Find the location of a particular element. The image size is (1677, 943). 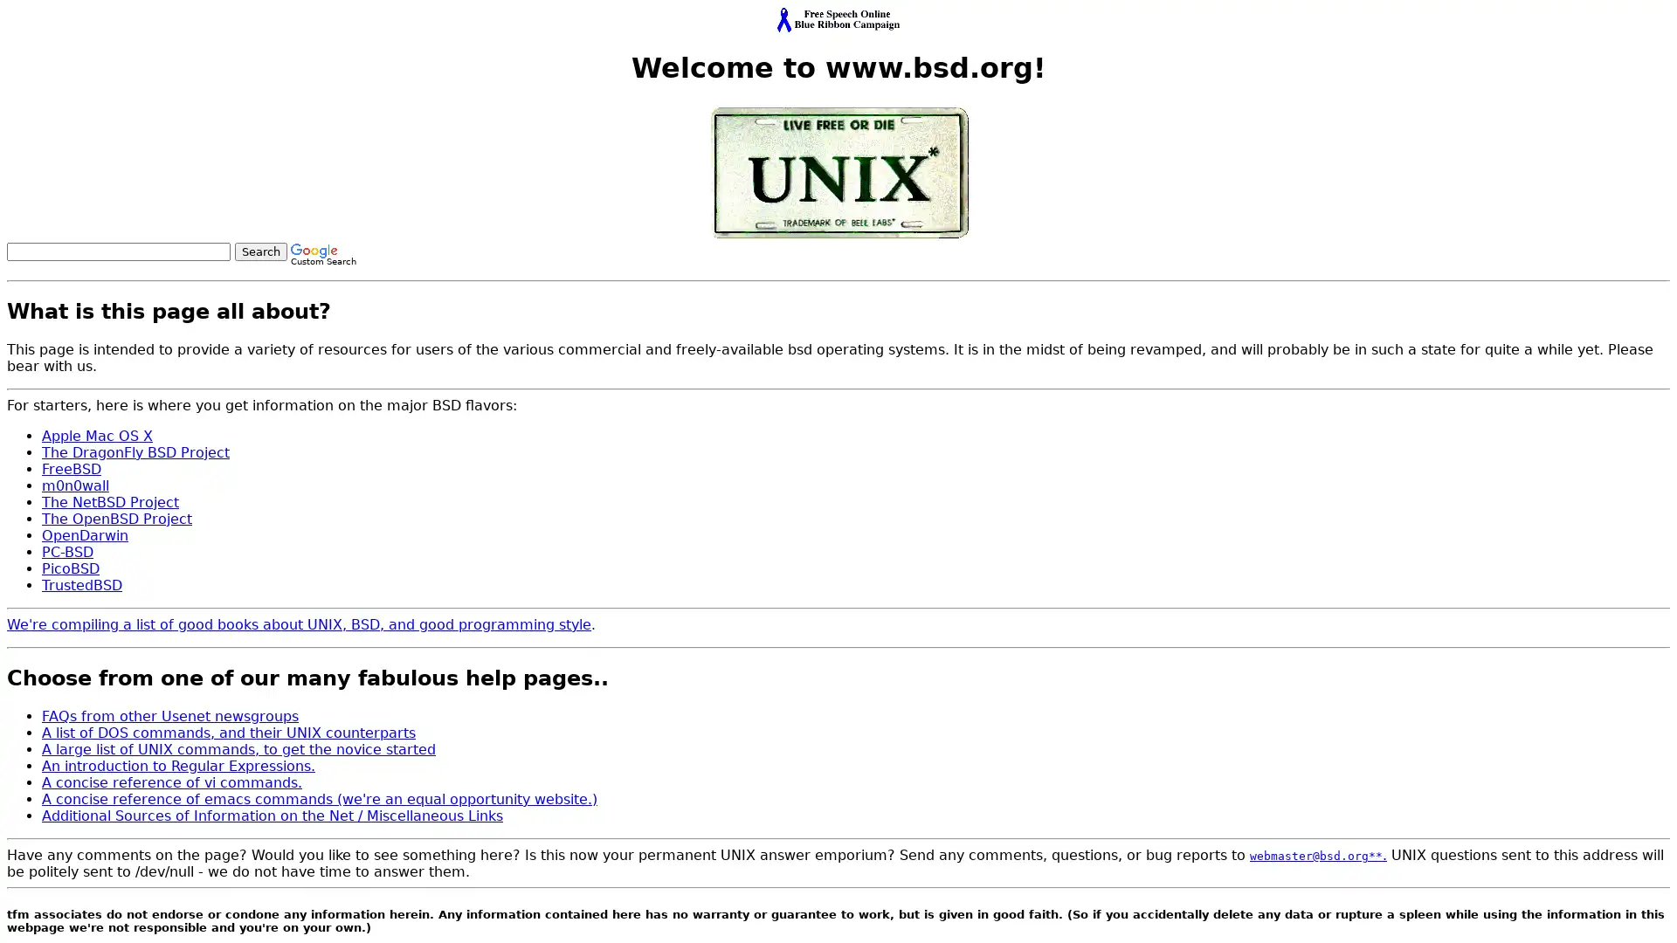

Search is located at coordinates (259, 251).